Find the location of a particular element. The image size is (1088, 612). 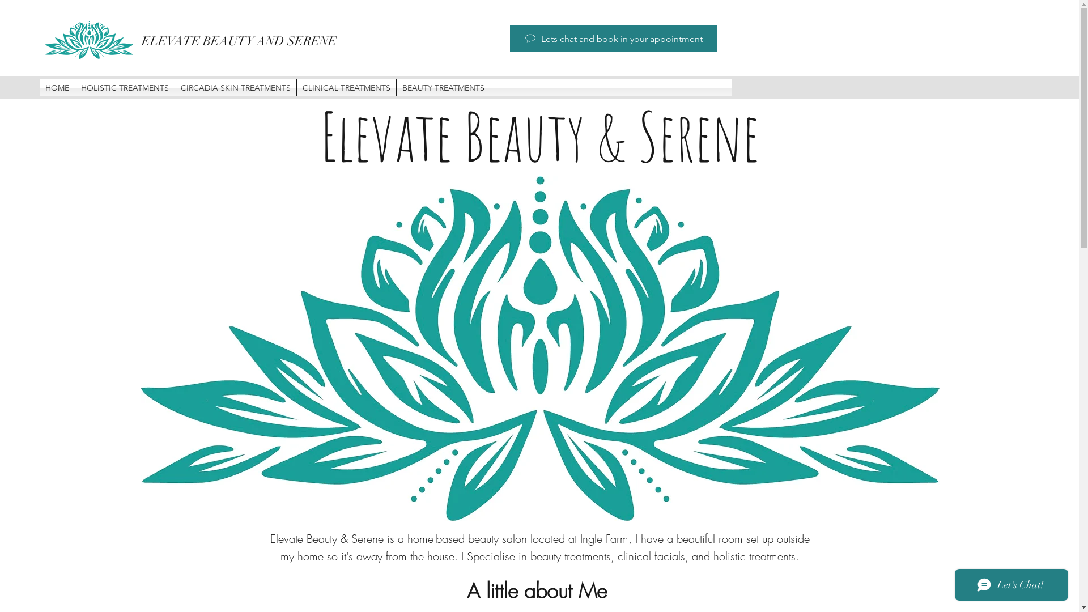

'CIRCADIA SKIN TREATMENTS' is located at coordinates (174, 87).